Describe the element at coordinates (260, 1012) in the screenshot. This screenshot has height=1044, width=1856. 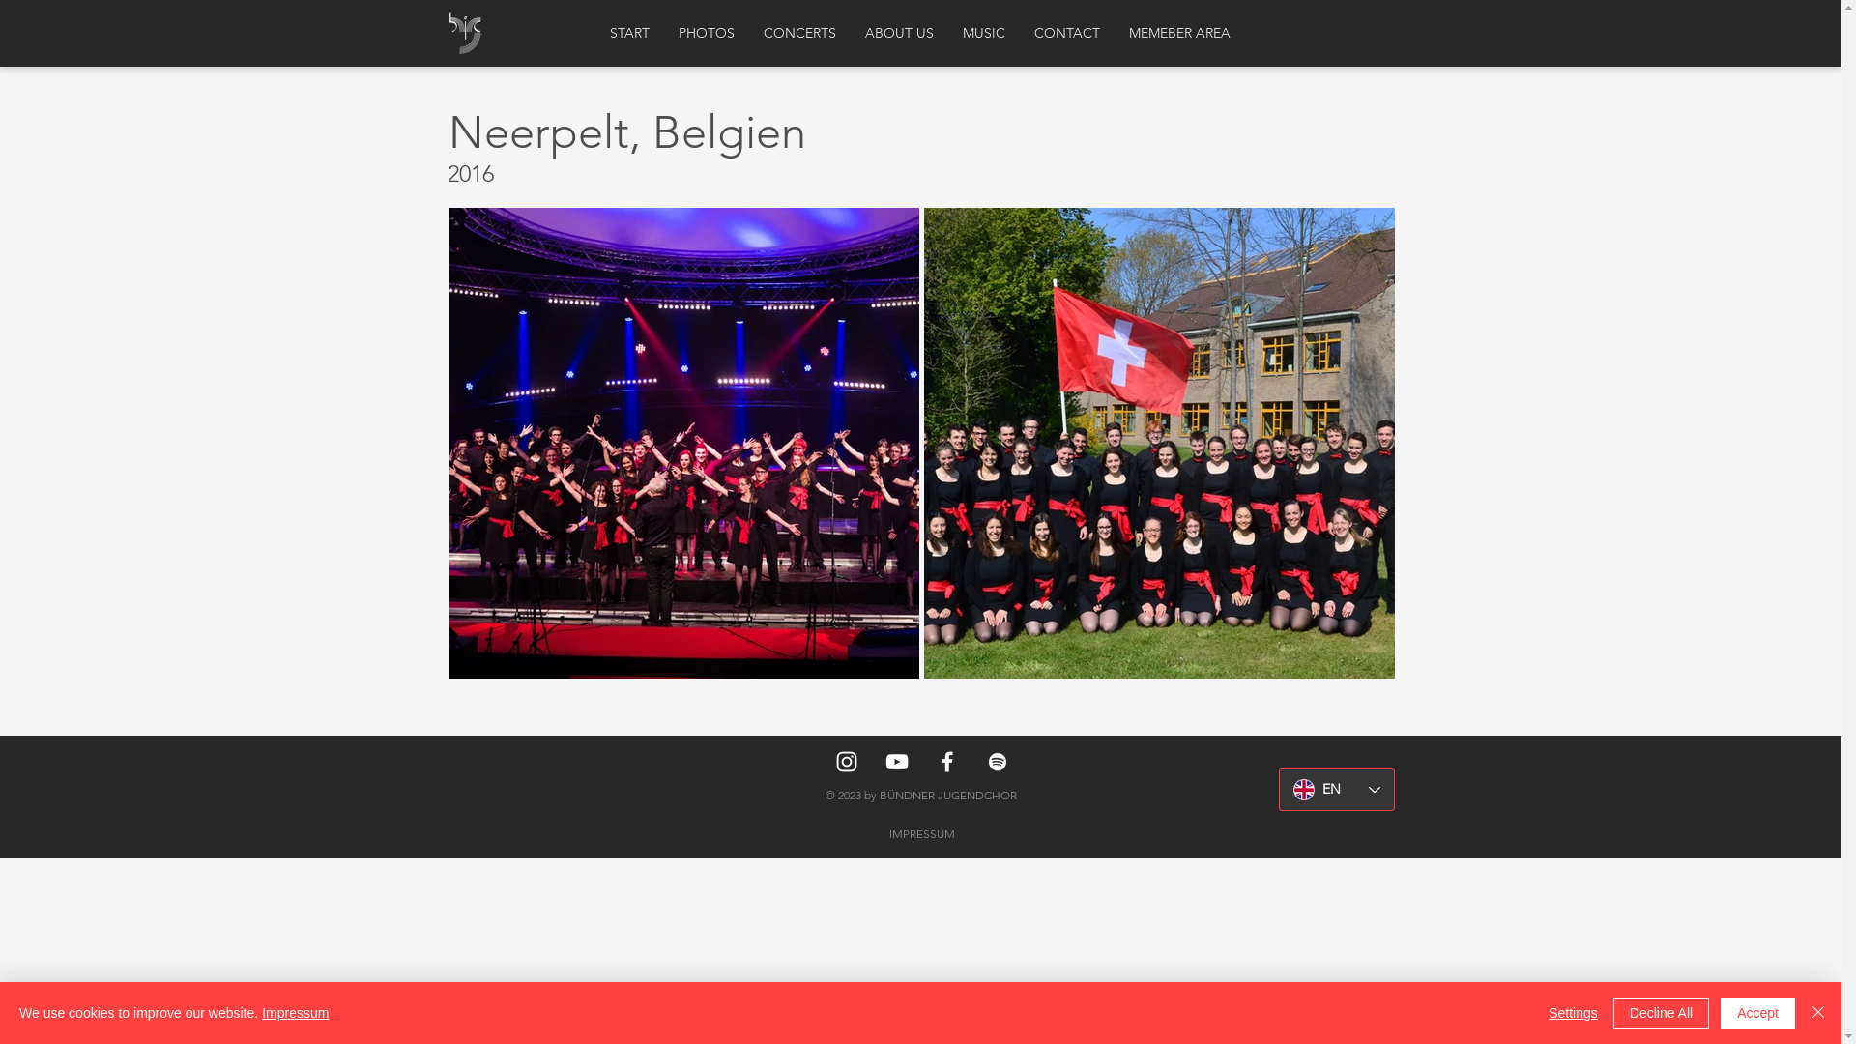
I see `'Impressum'` at that location.